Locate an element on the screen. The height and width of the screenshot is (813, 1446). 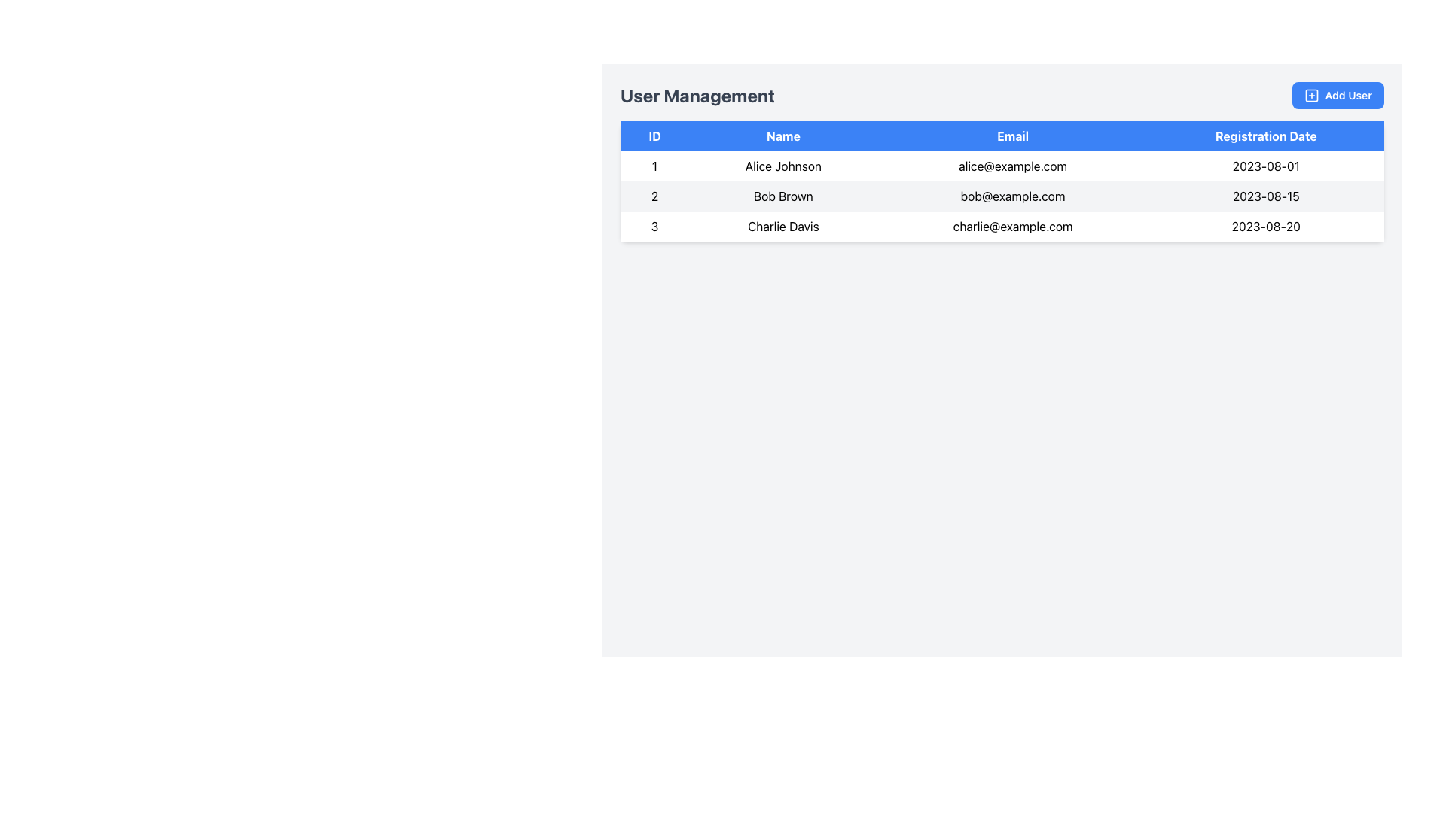
the table header row indicating the categories of the data, specifically the header labeled 'Email', which is the third header from the left is located at coordinates (1002, 136).